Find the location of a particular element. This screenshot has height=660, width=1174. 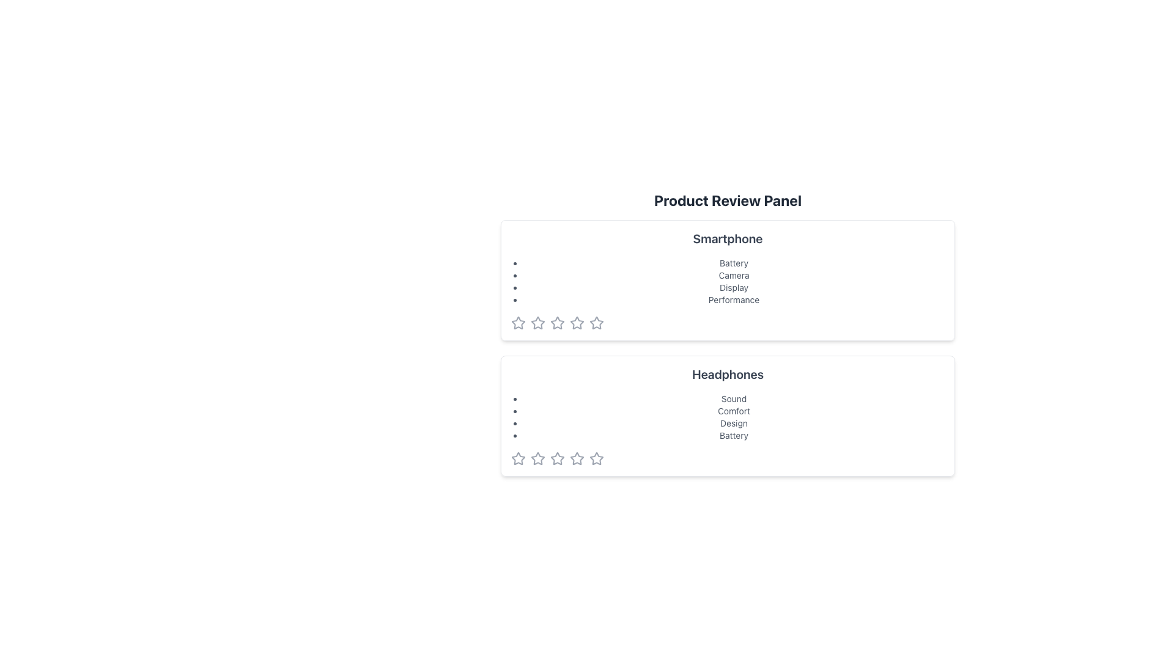

the first star icon in the rating system under the 'Headphones' section to rate it is located at coordinates (519, 459).